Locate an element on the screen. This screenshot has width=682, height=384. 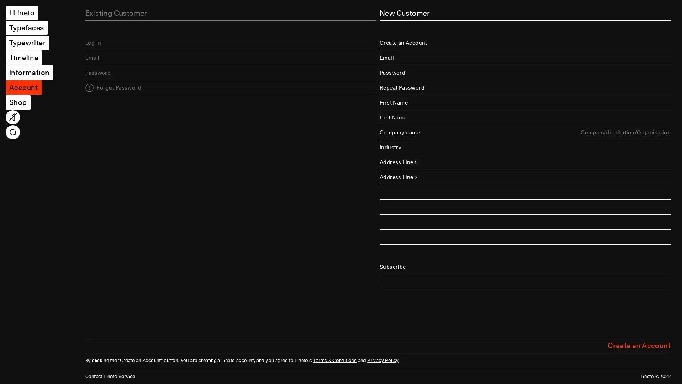
LLineto is located at coordinates (22, 12).